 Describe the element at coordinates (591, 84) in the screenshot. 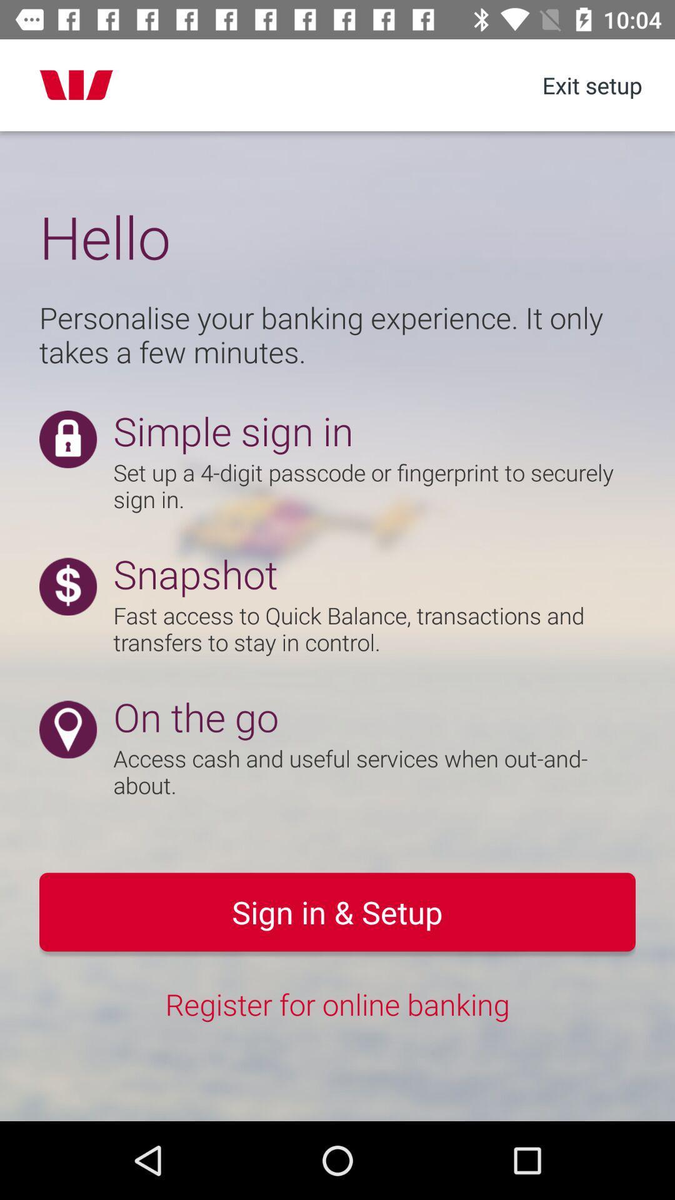

I see `the exit setup icon` at that location.